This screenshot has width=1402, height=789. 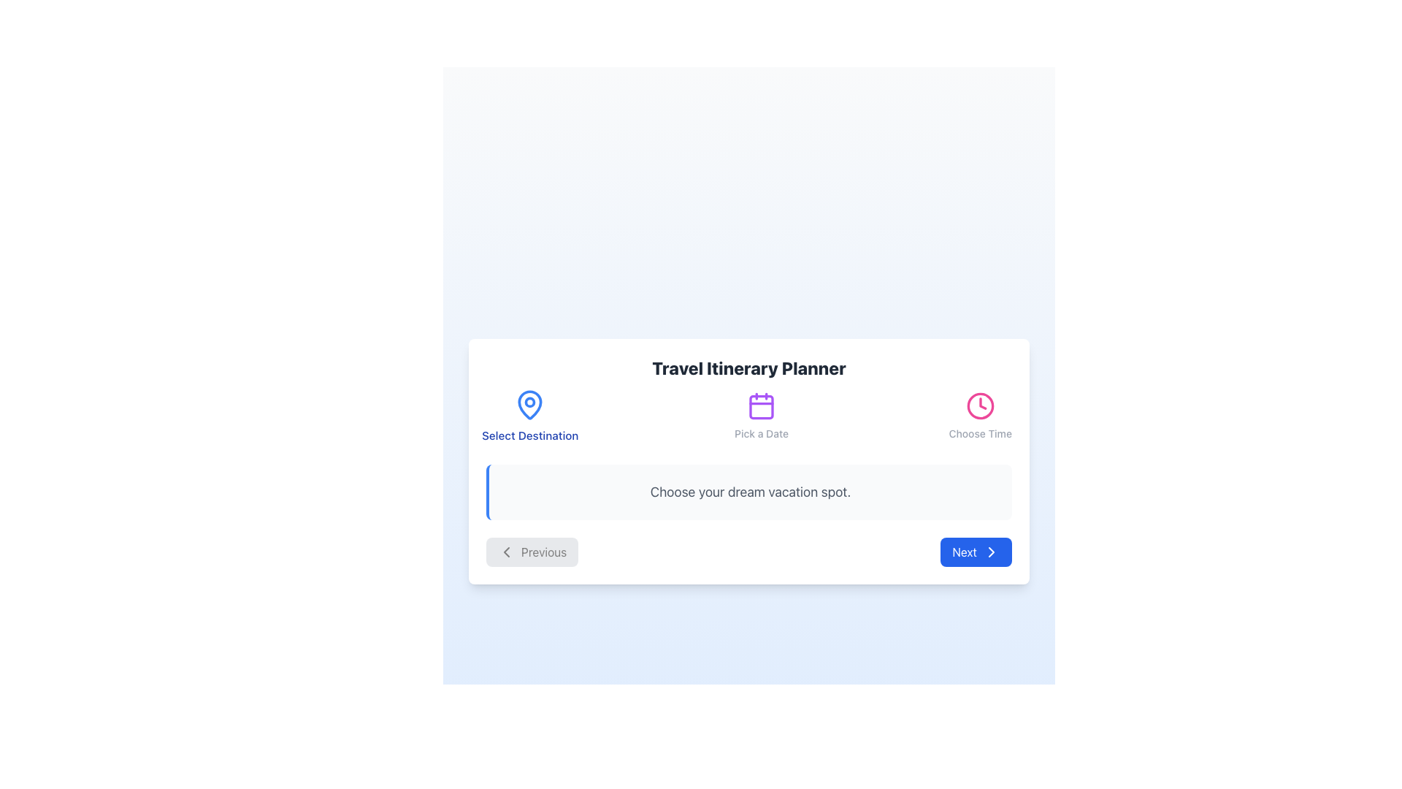 What do you see at coordinates (761, 407) in the screenshot?
I see `the SVG rectangle element inside the 'Pick a Date' calendar icon, which is the second icon in the horizontal toolbar at the top of the card` at bounding box center [761, 407].